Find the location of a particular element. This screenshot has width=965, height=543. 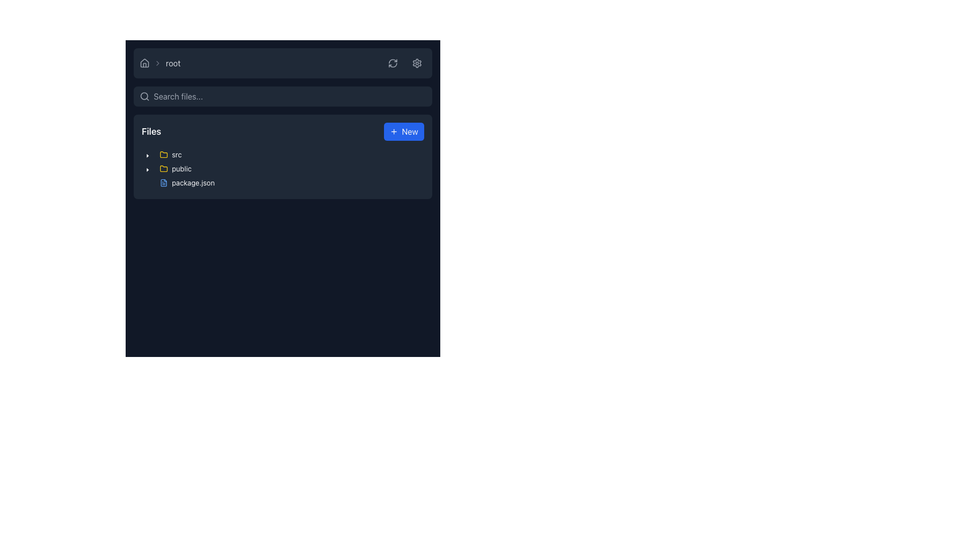

the small yellow folder icon located in the top left corner of the navigation interface is located at coordinates (164, 155).